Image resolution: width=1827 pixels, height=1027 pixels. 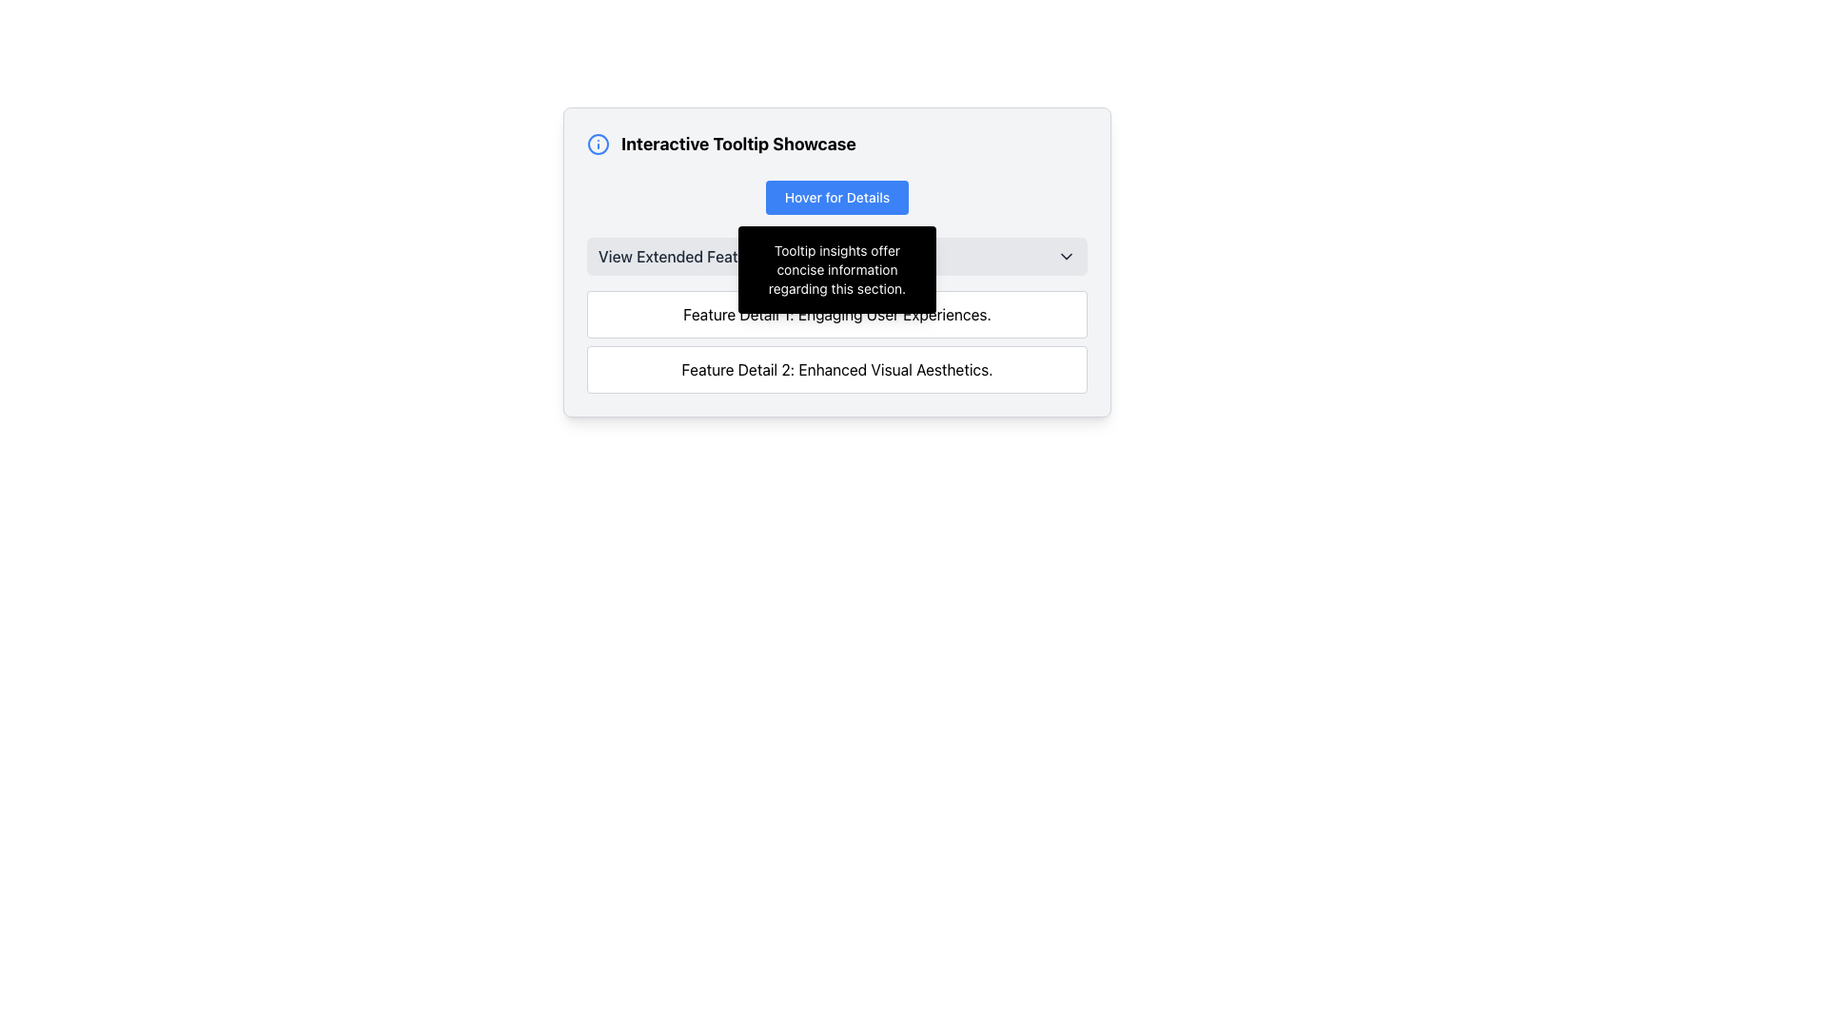 What do you see at coordinates (737, 143) in the screenshot?
I see `text from the Text Label located in the header section, positioned to the right of a blue circular information icon and above the 'Hover for Details' button` at bounding box center [737, 143].